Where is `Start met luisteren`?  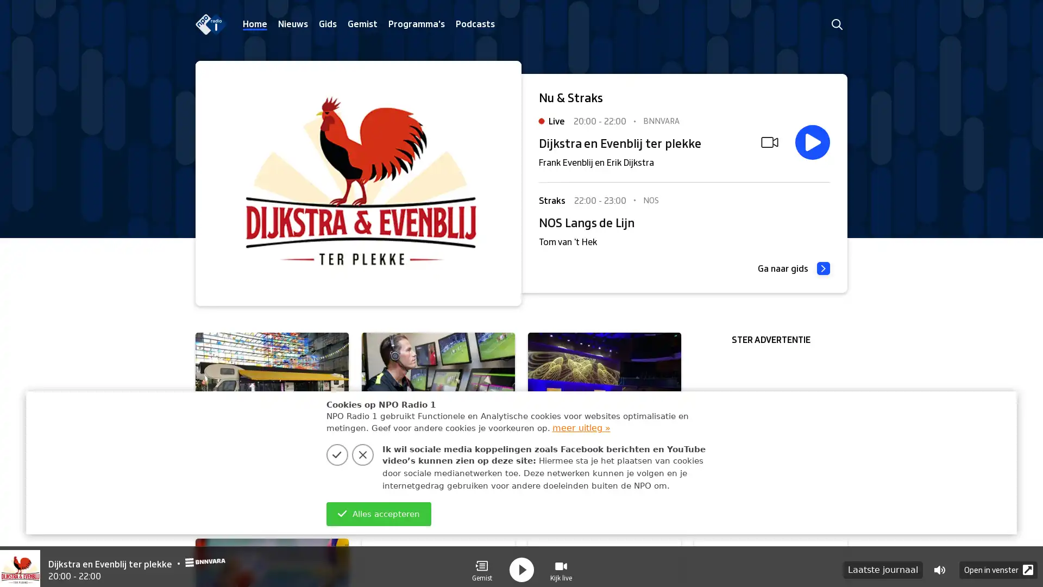 Start met luisteren is located at coordinates (813, 142).